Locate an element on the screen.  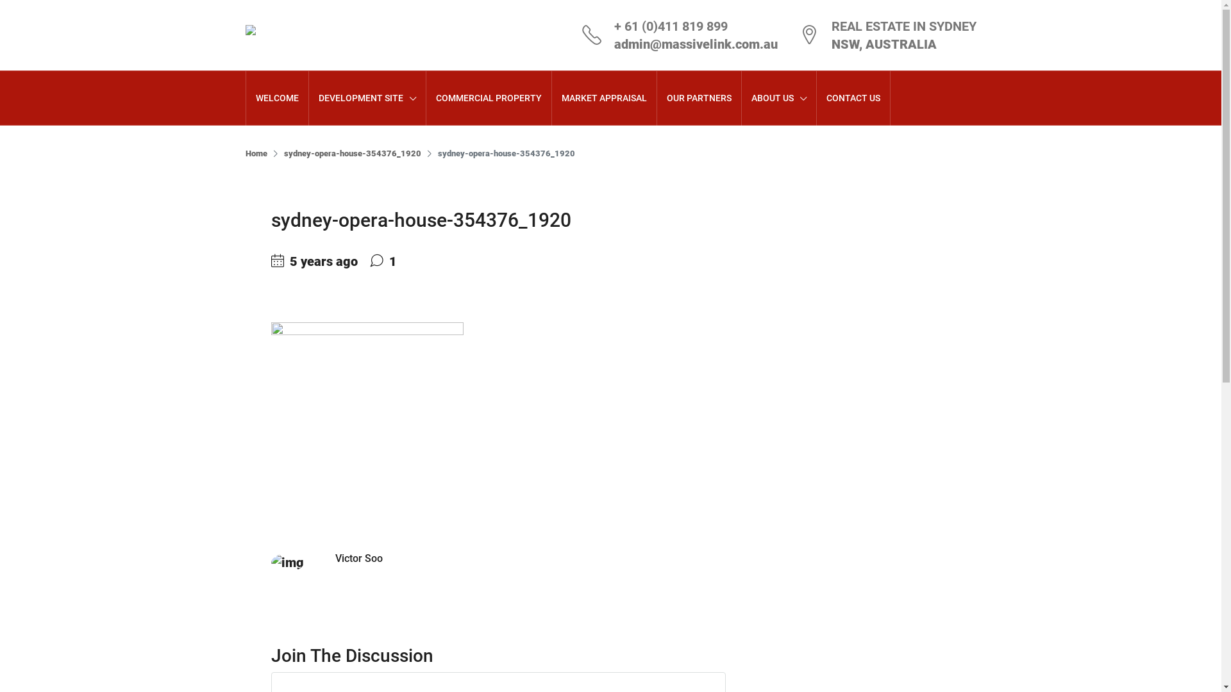
'Home' is located at coordinates (255, 152).